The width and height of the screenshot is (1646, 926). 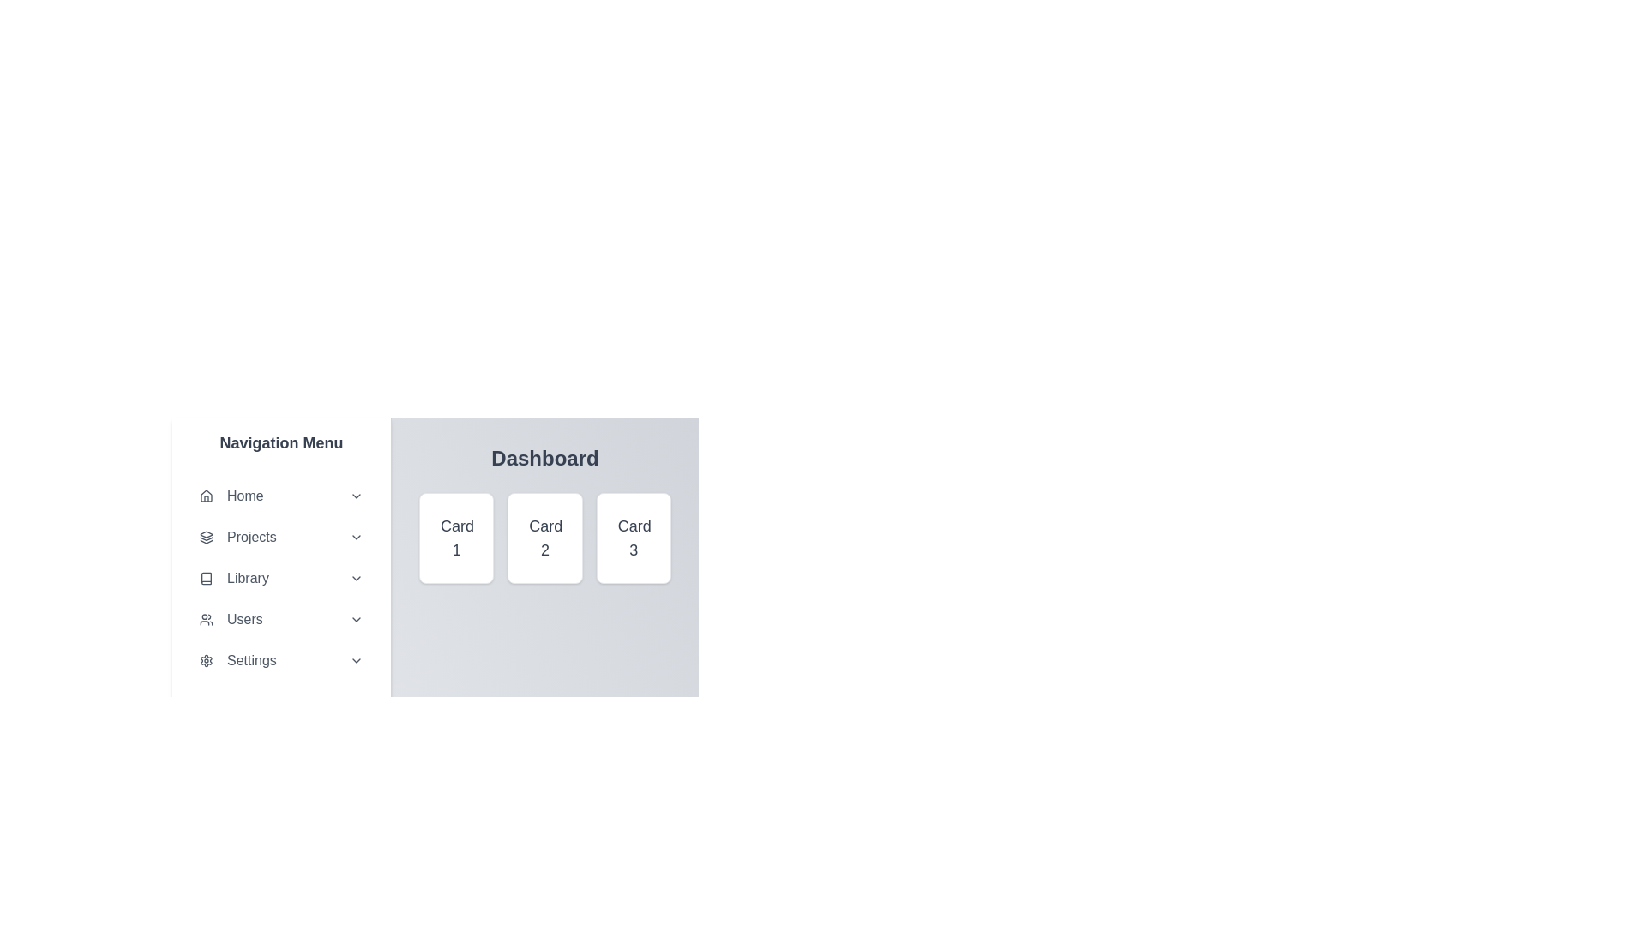 What do you see at coordinates (206, 496) in the screenshot?
I see `the house icon in the navigation menu that precedes the 'Home' text item` at bounding box center [206, 496].